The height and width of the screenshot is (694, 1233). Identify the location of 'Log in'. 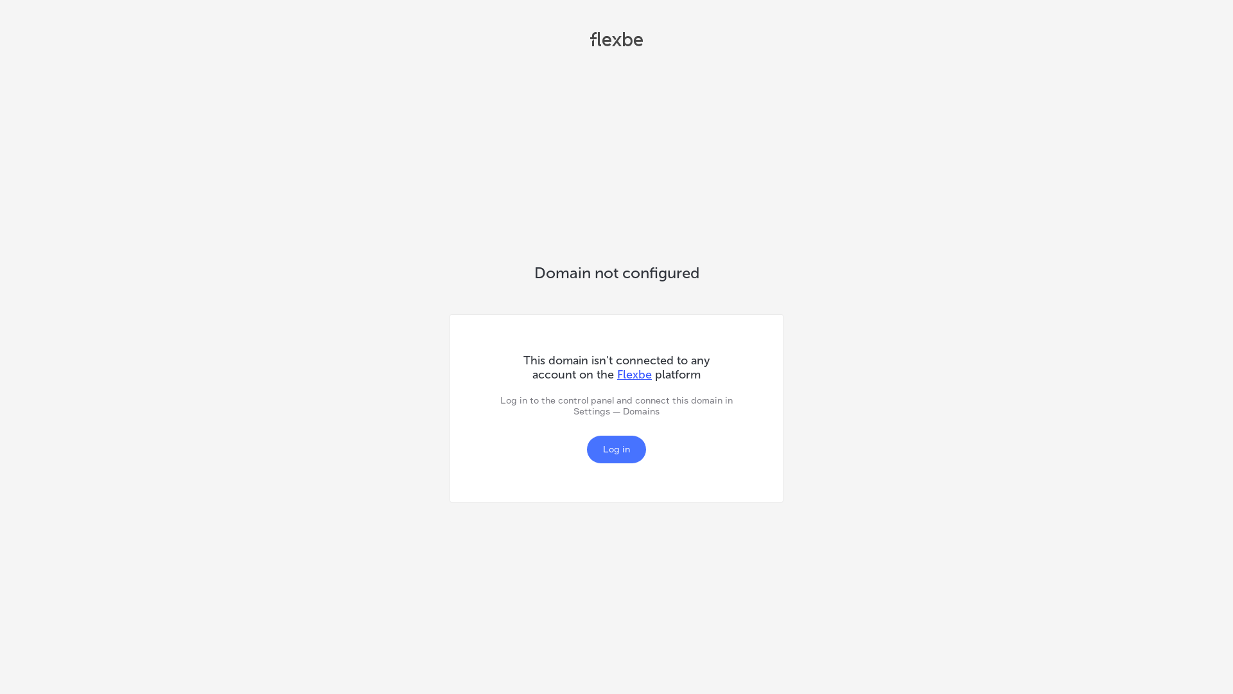
(616, 449).